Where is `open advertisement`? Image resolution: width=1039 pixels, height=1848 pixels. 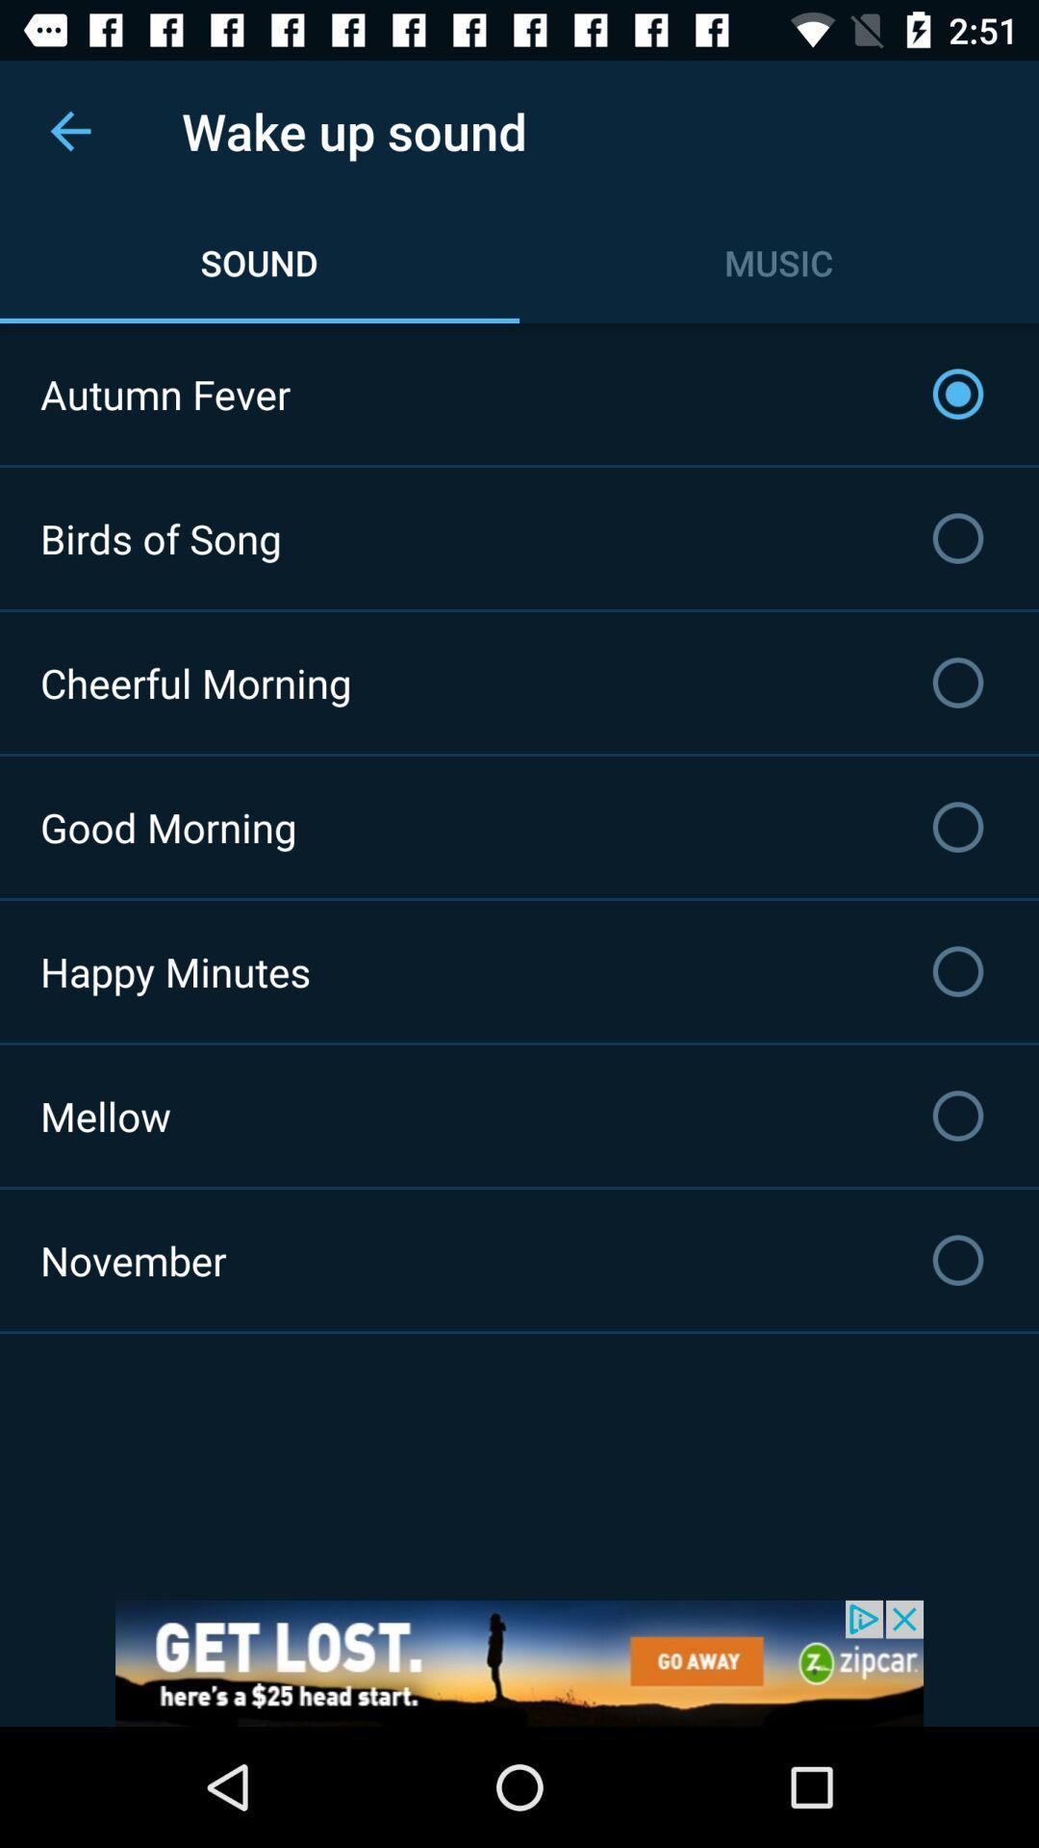
open advertisement is located at coordinates (519, 1662).